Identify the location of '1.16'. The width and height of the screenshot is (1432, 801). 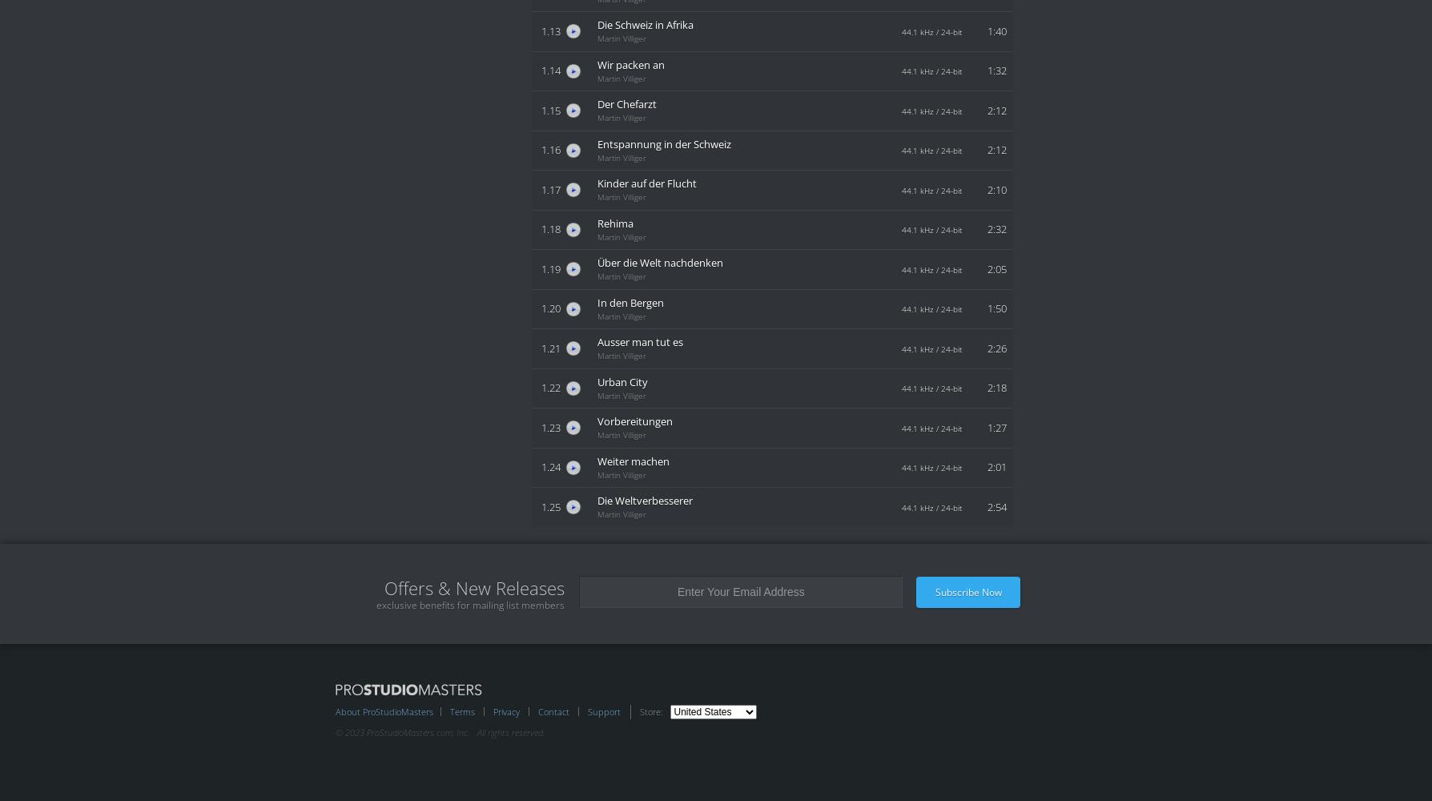
(541, 150).